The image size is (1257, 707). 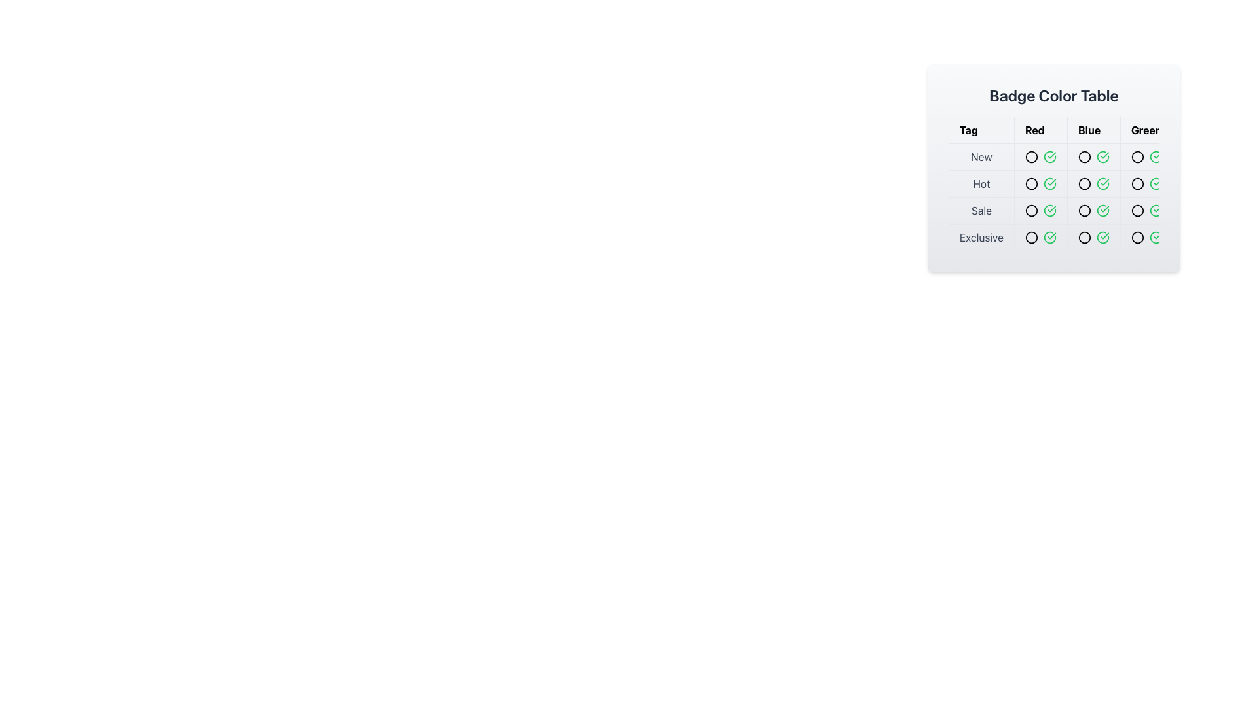 I want to click on the 'Red' category Table Header Cell in the Badge Color Table, which is positioned to the right of the 'Tag' column and left of the 'Blue' column, so click(x=1040, y=130).